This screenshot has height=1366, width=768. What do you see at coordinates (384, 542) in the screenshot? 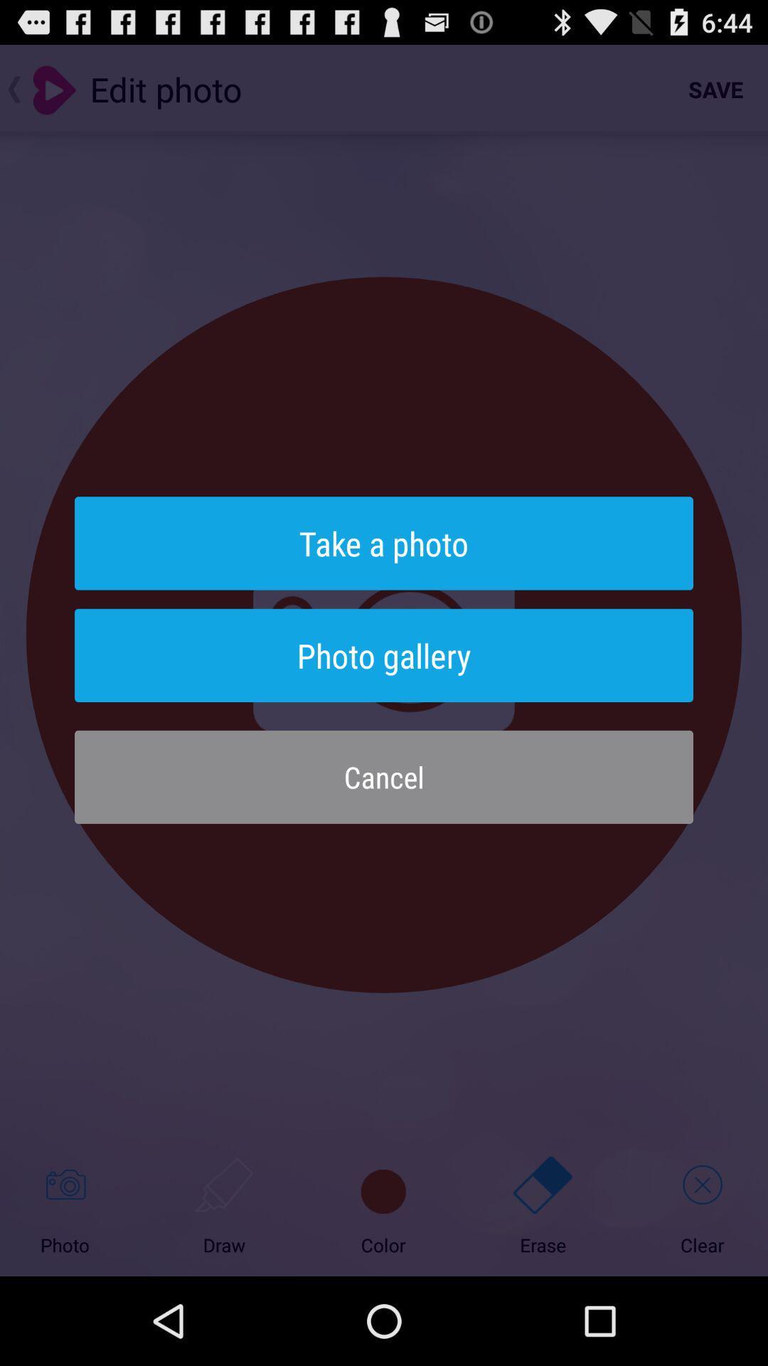
I see `take a photo button` at bounding box center [384, 542].